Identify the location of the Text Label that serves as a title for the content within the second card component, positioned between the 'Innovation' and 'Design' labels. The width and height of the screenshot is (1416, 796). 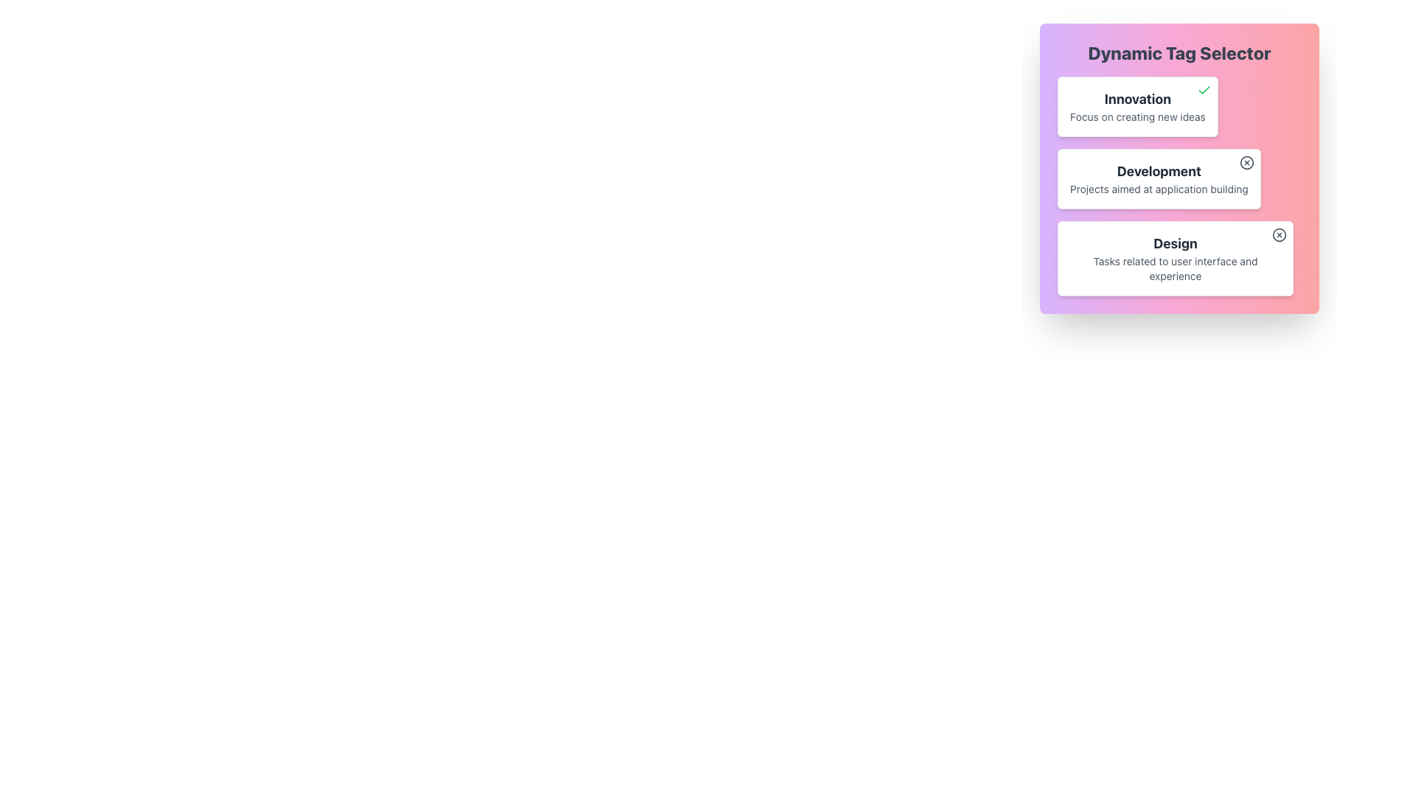
(1158, 170).